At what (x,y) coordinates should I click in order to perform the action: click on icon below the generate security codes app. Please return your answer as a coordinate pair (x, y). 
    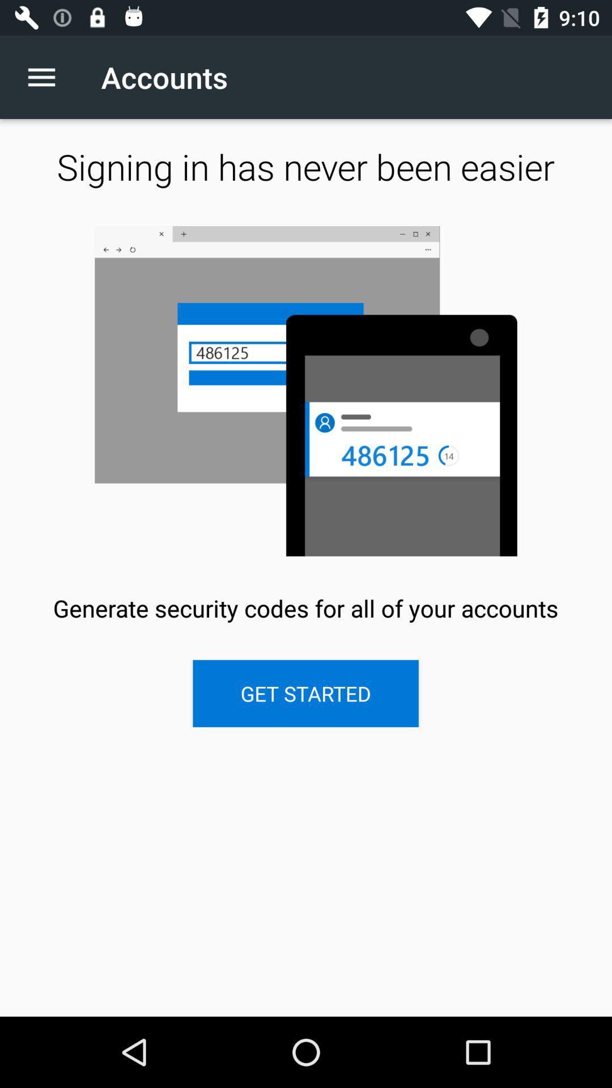
    Looking at the image, I should click on (305, 693).